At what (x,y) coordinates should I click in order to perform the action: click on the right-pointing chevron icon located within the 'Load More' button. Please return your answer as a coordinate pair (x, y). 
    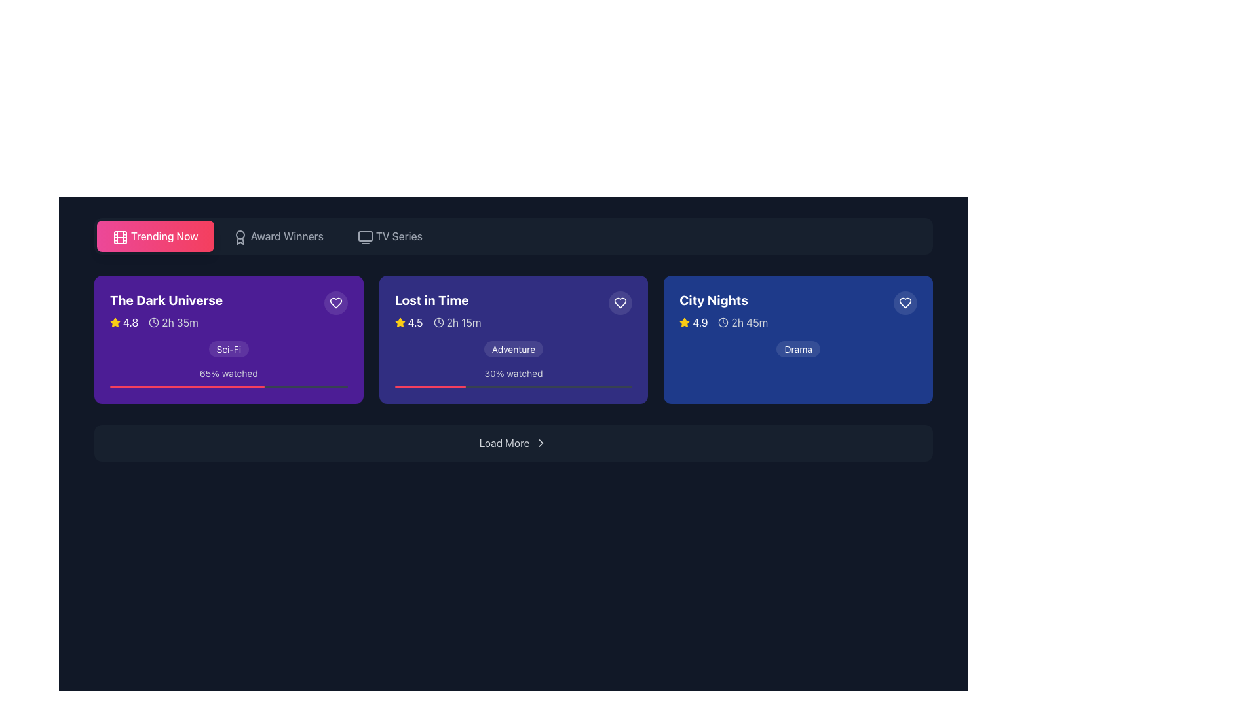
    Looking at the image, I should click on (541, 443).